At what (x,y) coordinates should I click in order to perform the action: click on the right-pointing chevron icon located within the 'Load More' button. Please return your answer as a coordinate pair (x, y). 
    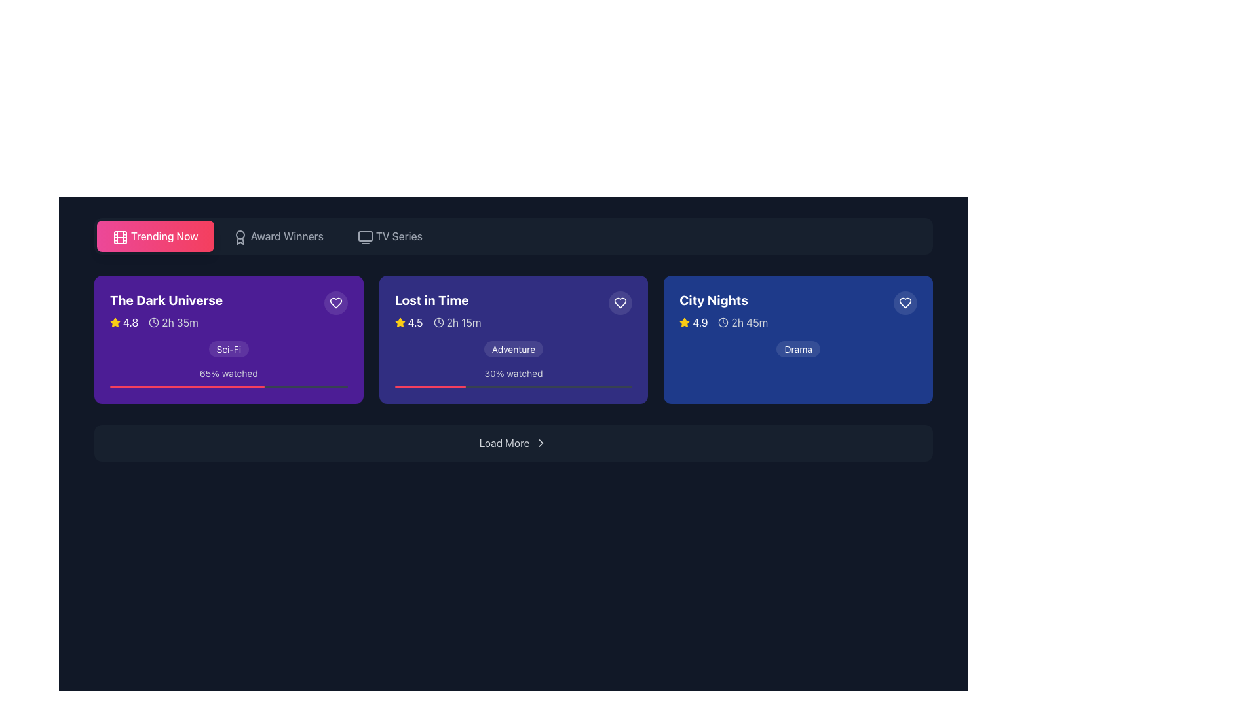
    Looking at the image, I should click on (541, 443).